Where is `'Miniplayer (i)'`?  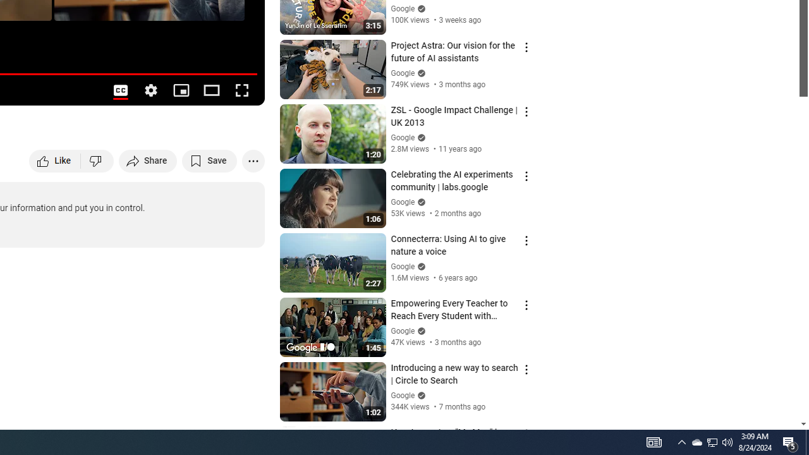 'Miniplayer (i)' is located at coordinates (180, 89).